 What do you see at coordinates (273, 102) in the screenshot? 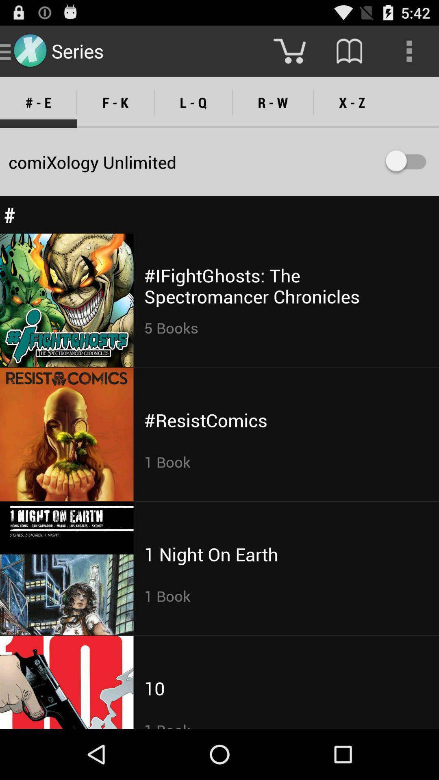
I see `the icon next to l - q icon` at bounding box center [273, 102].